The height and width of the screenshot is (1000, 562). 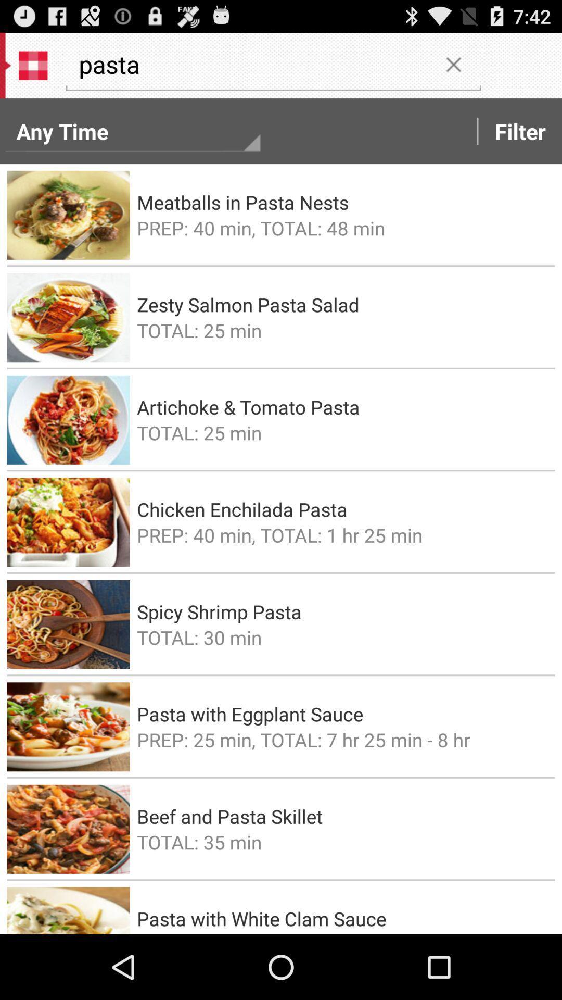 I want to click on the icon above the total: 25 min app, so click(x=342, y=304).